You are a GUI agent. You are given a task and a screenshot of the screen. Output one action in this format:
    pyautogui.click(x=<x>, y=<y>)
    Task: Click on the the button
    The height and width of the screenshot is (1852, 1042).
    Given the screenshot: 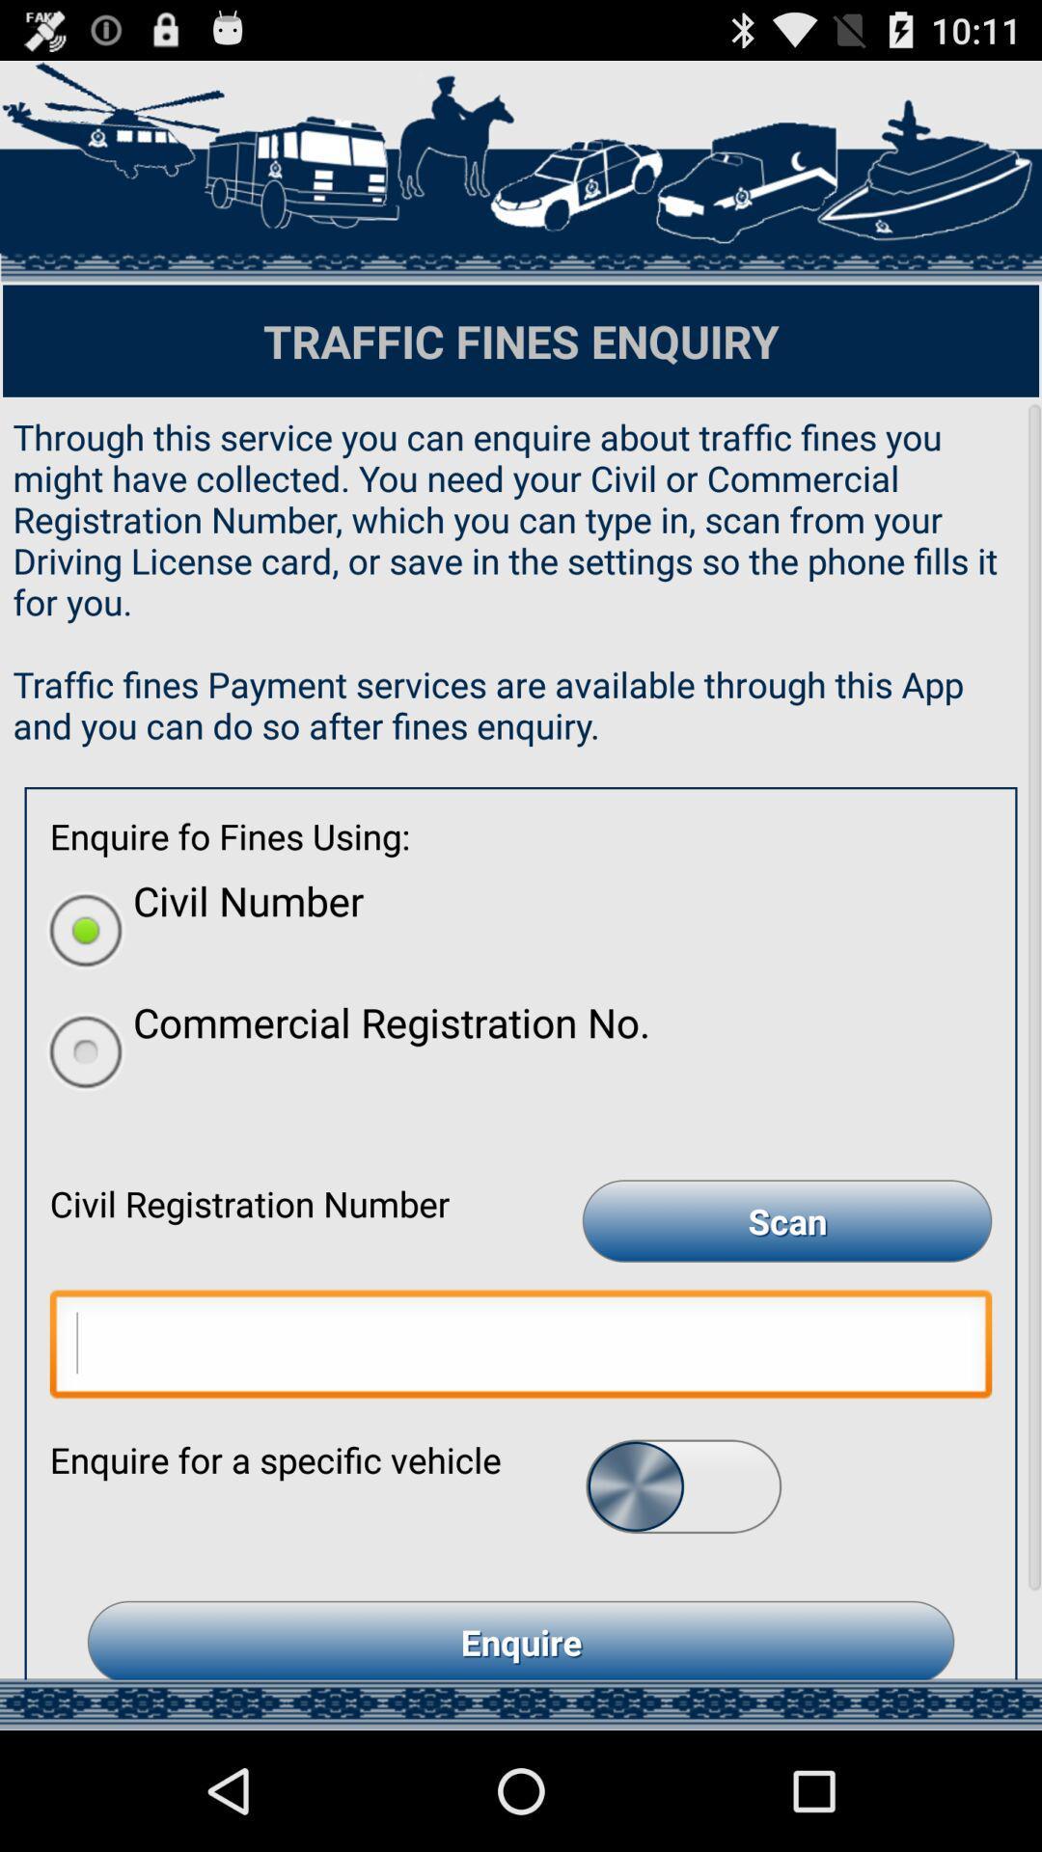 What is the action you would take?
    pyautogui.click(x=682, y=1485)
    